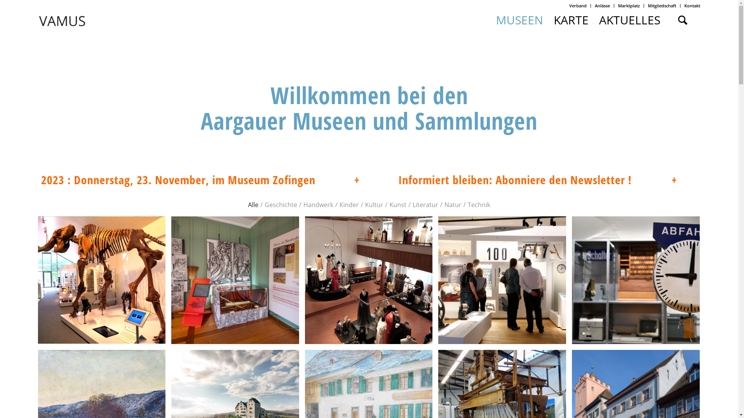  I want to click on 'Verband', so click(578, 5).